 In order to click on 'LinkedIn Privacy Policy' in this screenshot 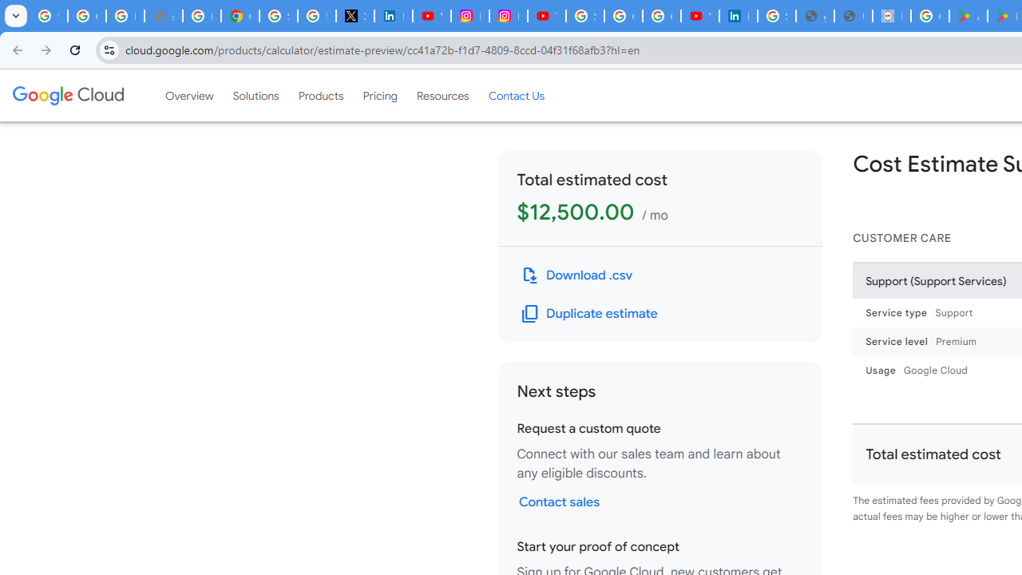, I will do `click(393, 16)`.